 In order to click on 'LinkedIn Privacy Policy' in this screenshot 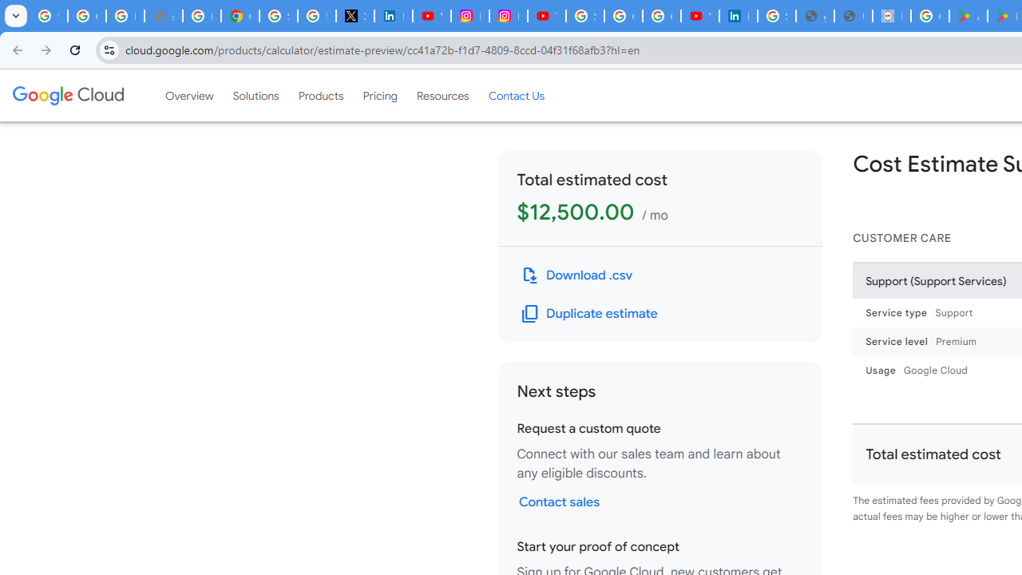, I will do `click(393, 16)`.